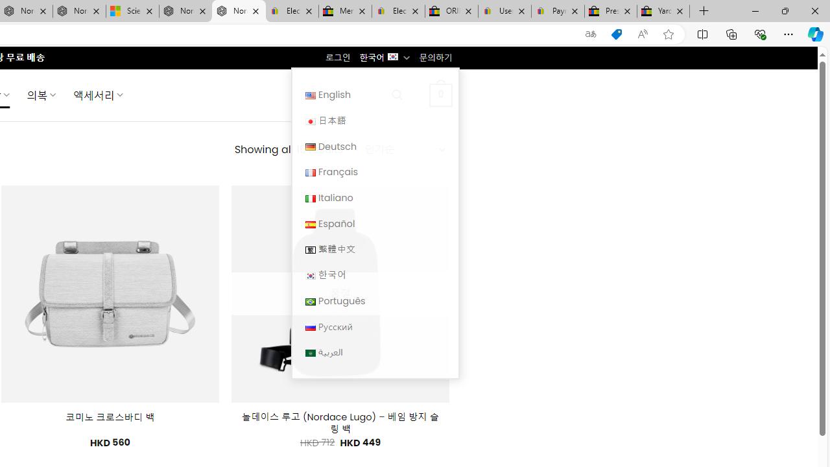  Describe the element at coordinates (309, 95) in the screenshot. I see `'English'` at that location.